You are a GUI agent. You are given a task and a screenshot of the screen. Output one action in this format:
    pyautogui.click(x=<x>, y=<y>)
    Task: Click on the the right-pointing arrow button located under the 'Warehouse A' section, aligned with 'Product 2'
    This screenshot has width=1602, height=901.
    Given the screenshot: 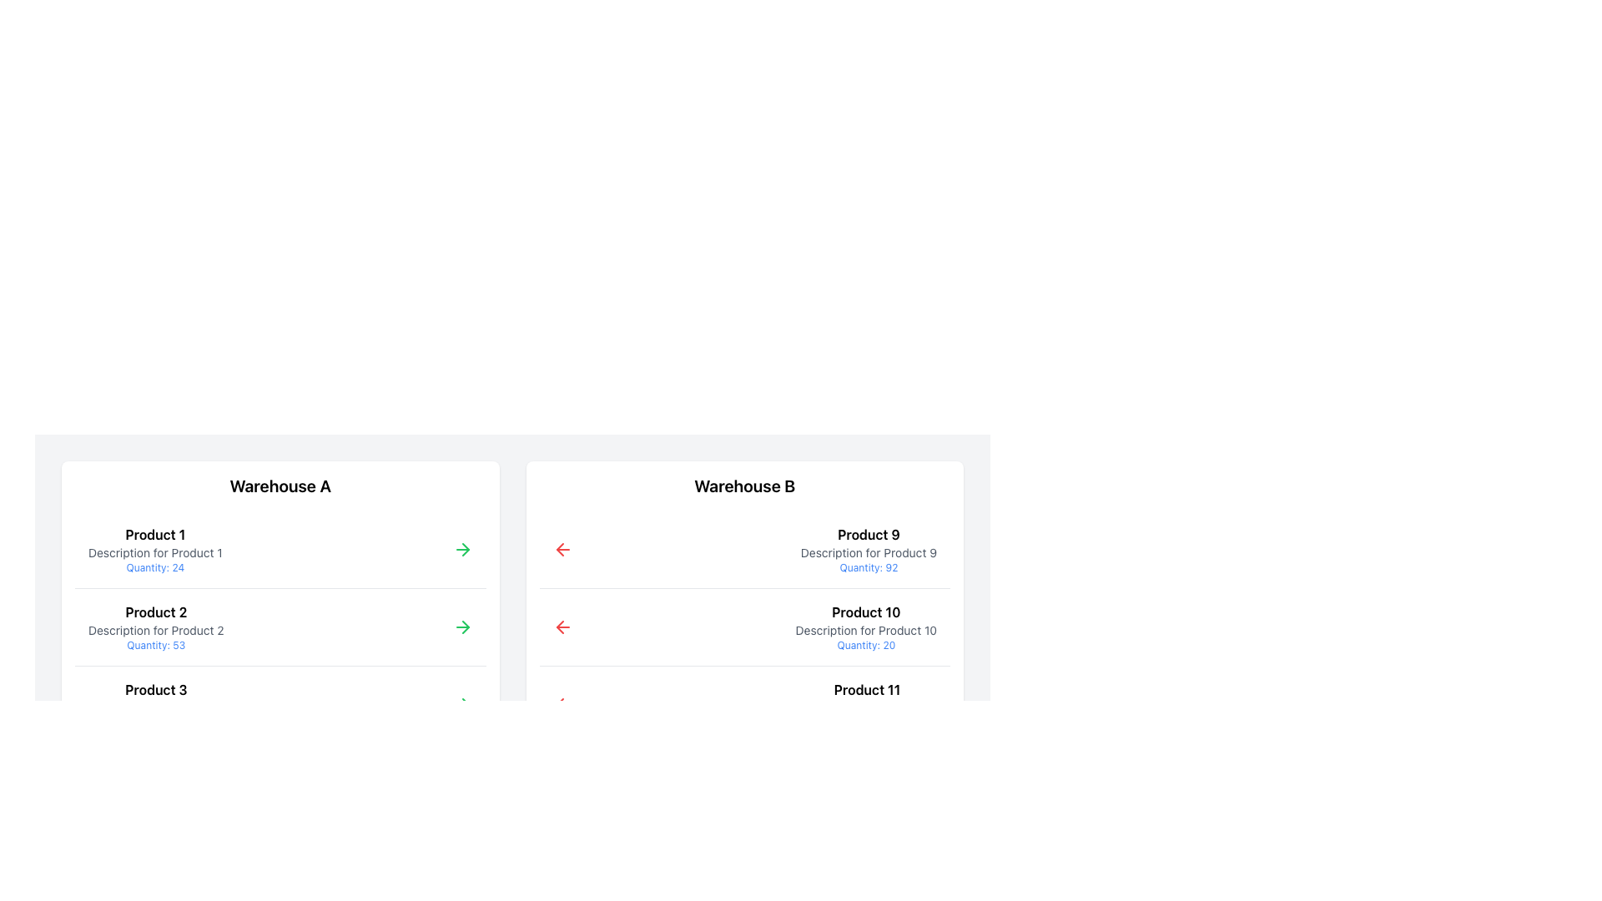 What is the action you would take?
    pyautogui.click(x=465, y=859)
    